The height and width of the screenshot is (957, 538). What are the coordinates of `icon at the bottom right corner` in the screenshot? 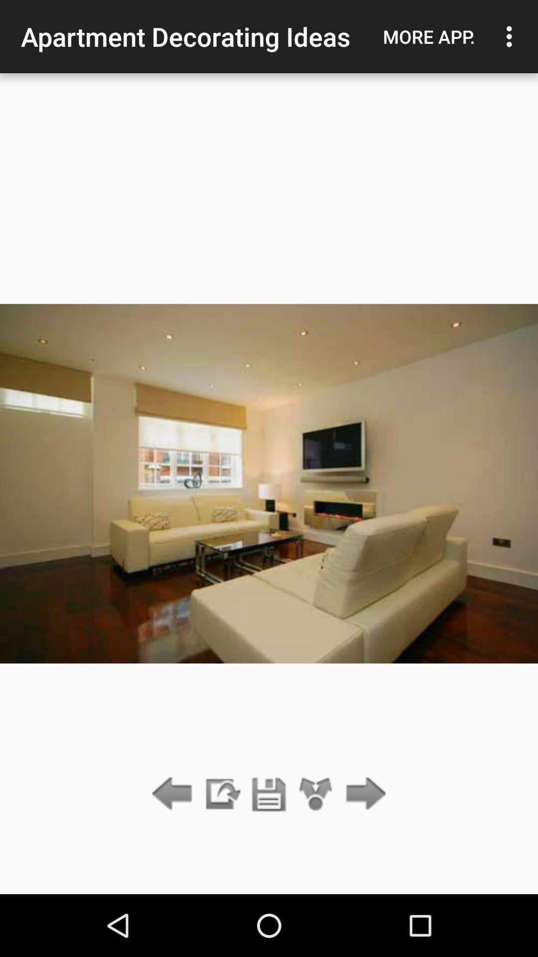 It's located at (363, 794).